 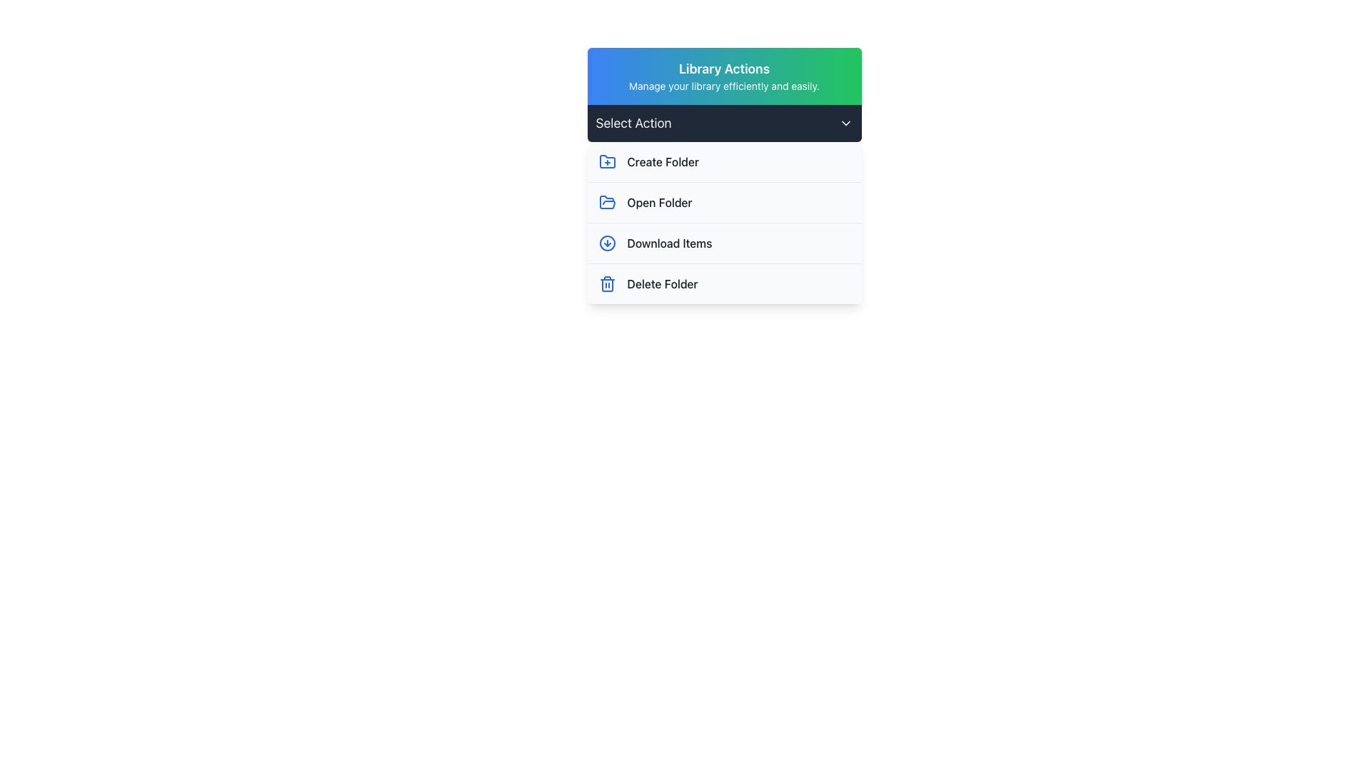 What do you see at coordinates (607, 202) in the screenshot?
I see `the blue open folder icon located in the second row of the 'Select Action' dropdown menu, which is directly to the left of the 'Open Folder' text` at bounding box center [607, 202].